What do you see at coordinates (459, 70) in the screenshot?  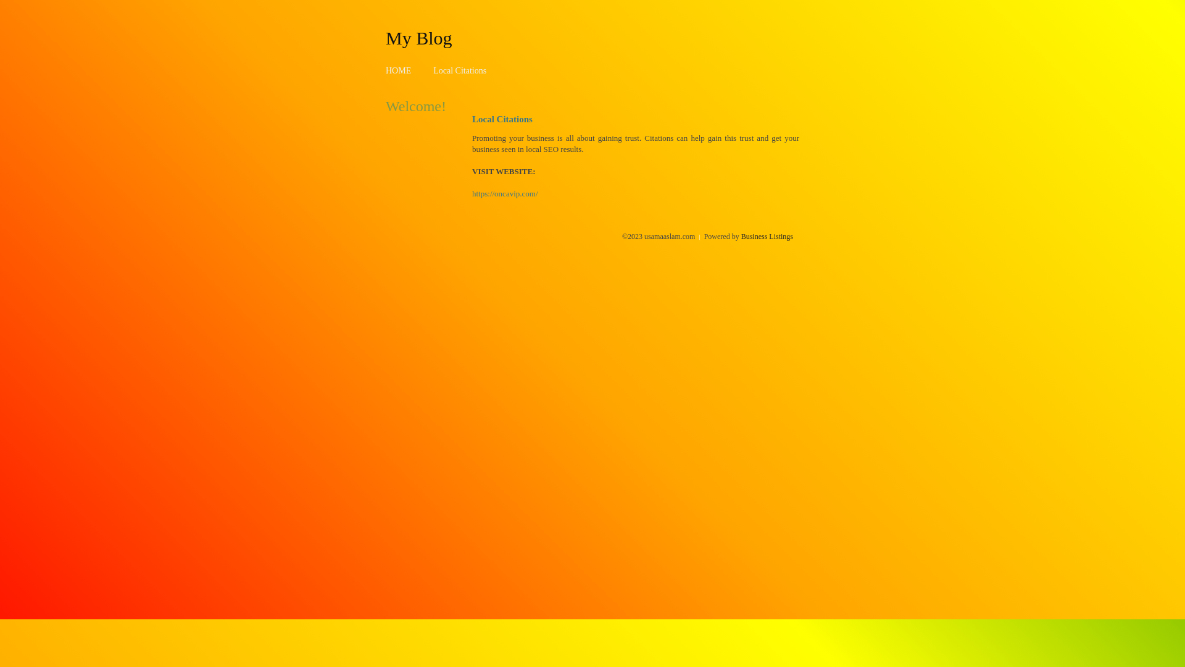 I see `'Local Citations'` at bounding box center [459, 70].